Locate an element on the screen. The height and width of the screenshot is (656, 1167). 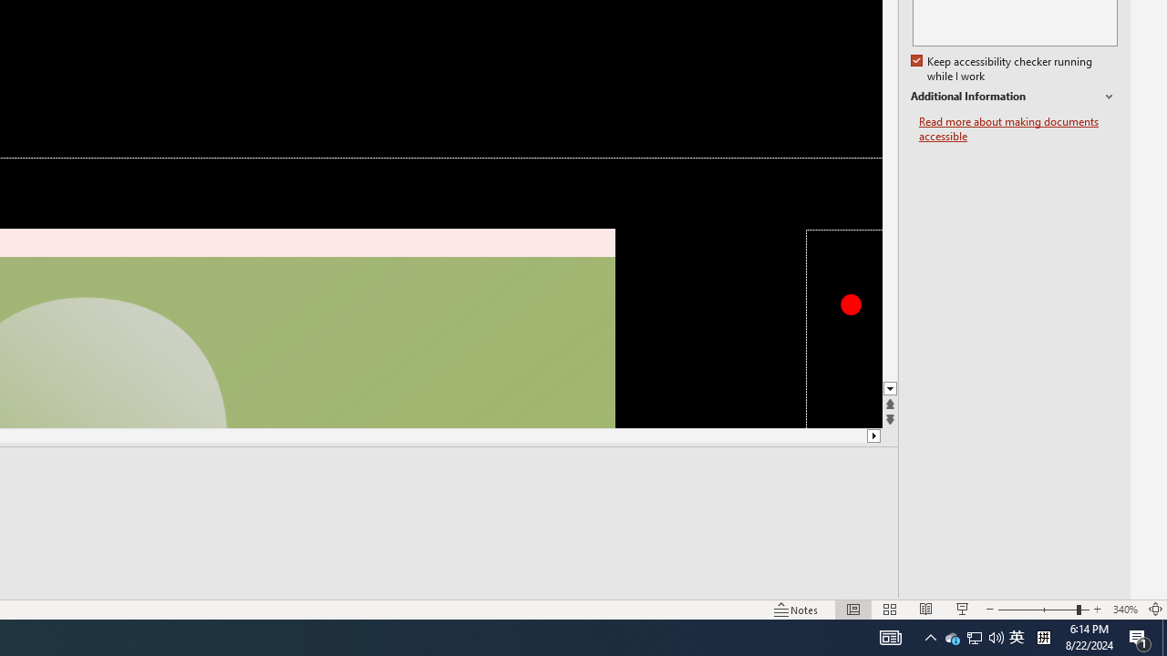
'Keep accessibility checker running while I work' is located at coordinates (1002, 68).